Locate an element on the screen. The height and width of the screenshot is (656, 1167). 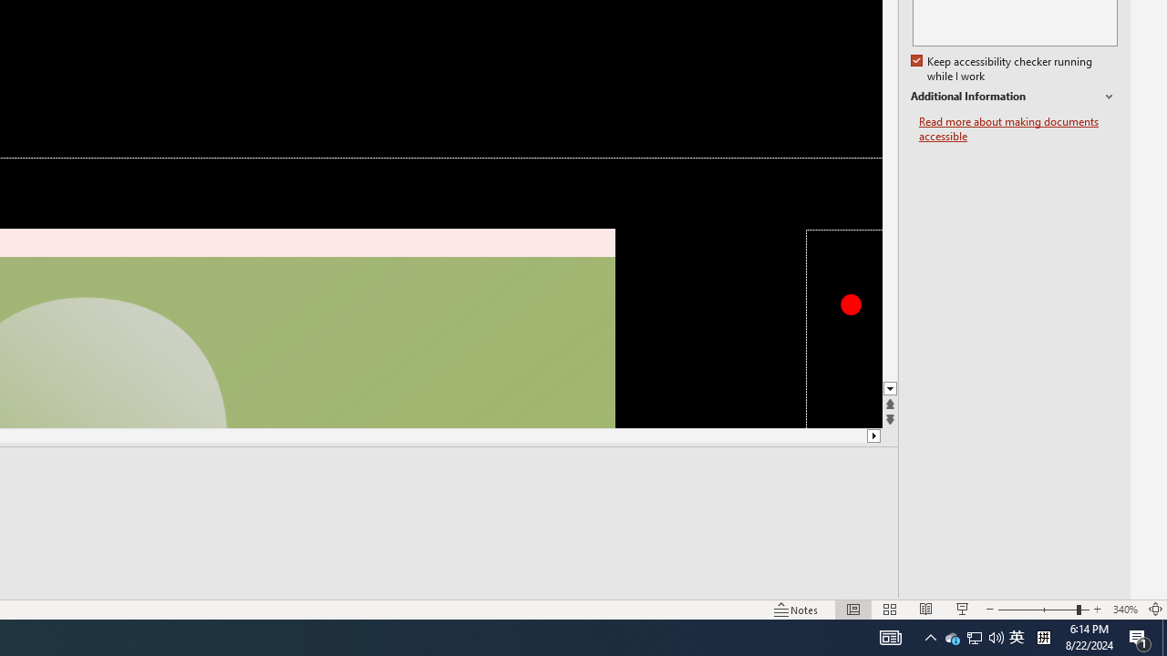
'Keep accessibility checker running while I work' is located at coordinates (1002, 68).